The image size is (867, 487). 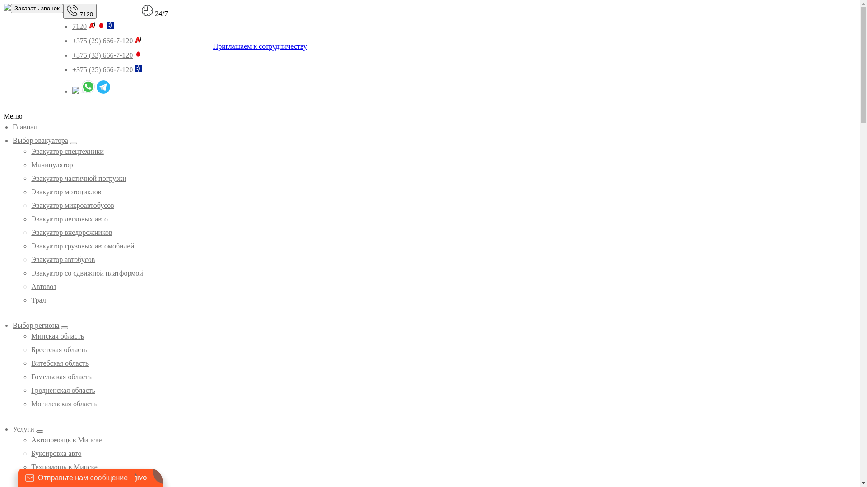 I want to click on '+375 (25) 666-7-120', so click(x=102, y=69).